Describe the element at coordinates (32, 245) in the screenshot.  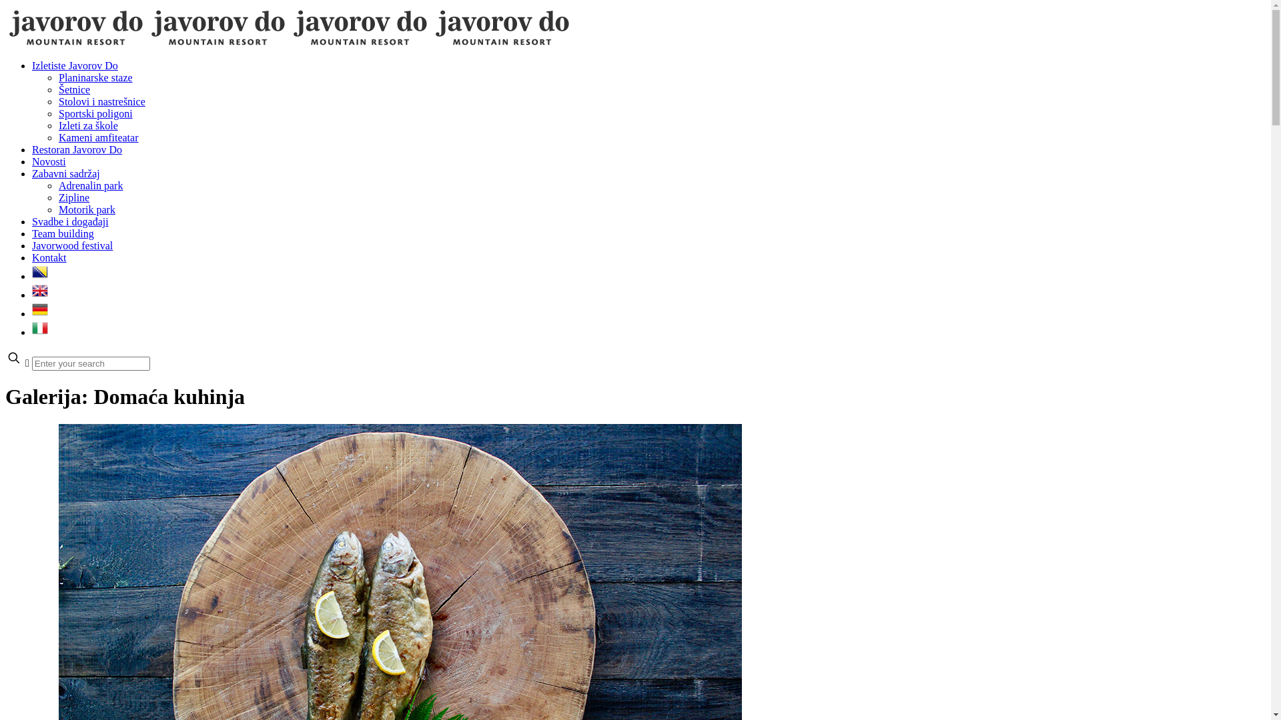
I see `'Javorwood festival'` at that location.